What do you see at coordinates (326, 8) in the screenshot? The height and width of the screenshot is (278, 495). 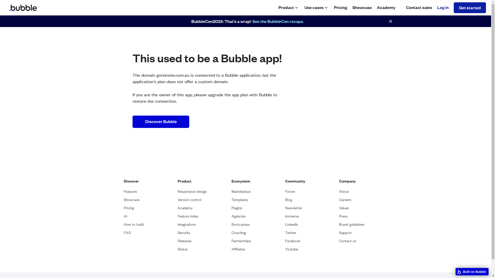 I see `'keyboard_arrow_down'` at bounding box center [326, 8].